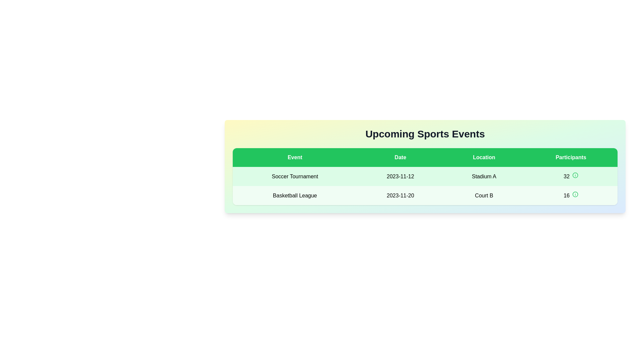  What do you see at coordinates (295, 195) in the screenshot?
I see `the text label displaying the title 'Basketball League', which is located in the second row and first column of the table, above '2023-11-20' and below 'Soccer Tournament'` at bounding box center [295, 195].